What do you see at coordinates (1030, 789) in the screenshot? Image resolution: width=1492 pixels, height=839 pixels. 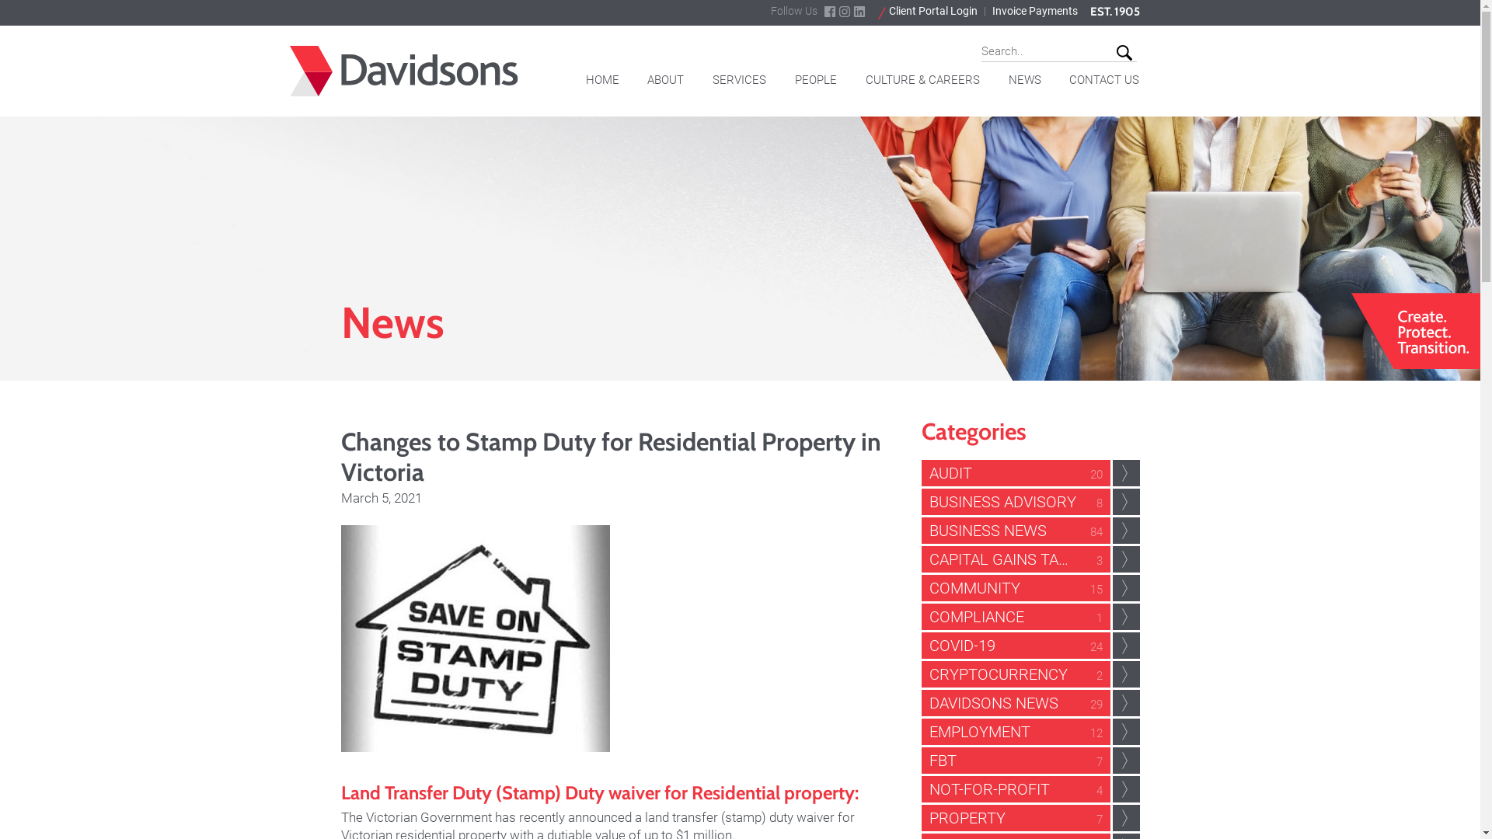 I see `'NOT-FOR-PROFIT` at bounding box center [1030, 789].